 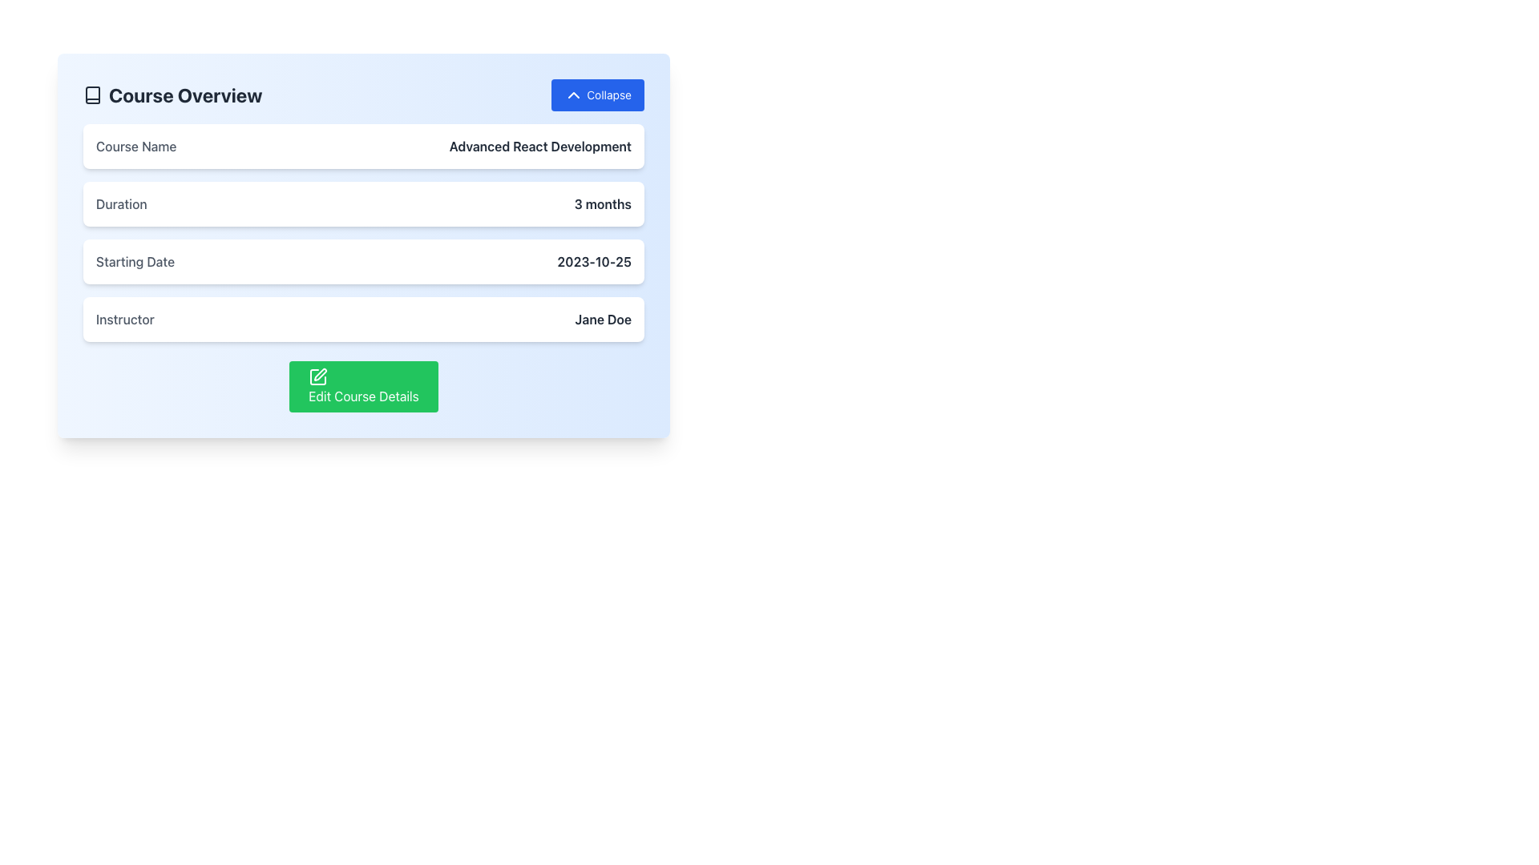 I want to click on the icon located inside the blue 'Collapse' button, so click(x=574, y=95).